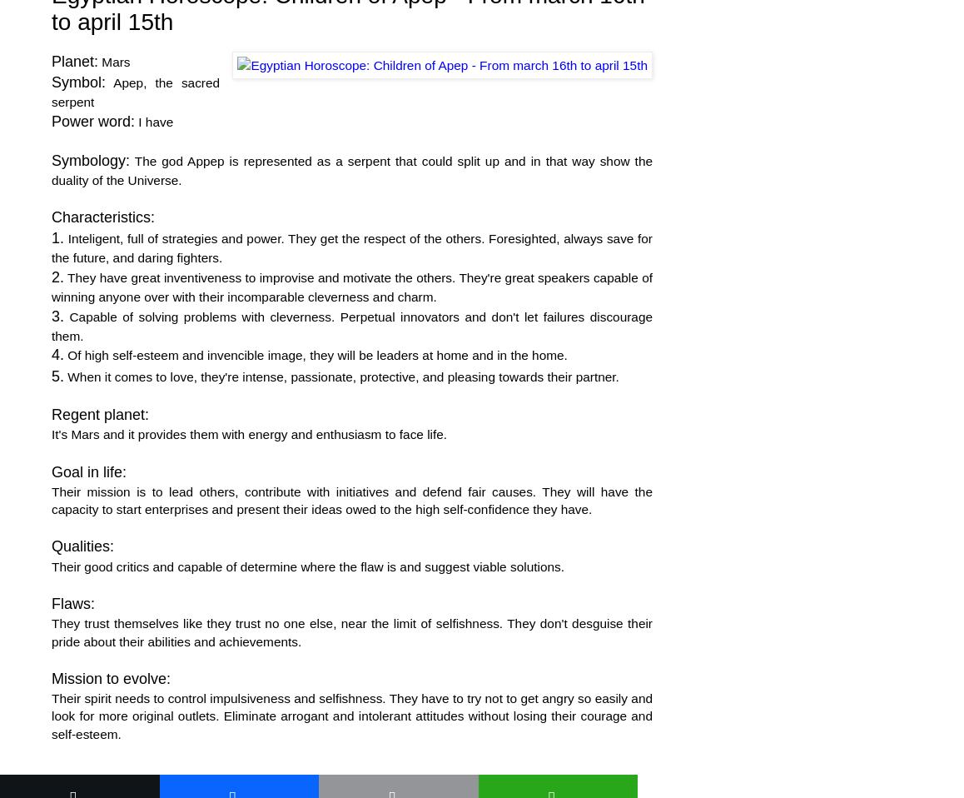  Describe the element at coordinates (135, 92) in the screenshot. I see `'Apep, the sacred serpent'` at that location.